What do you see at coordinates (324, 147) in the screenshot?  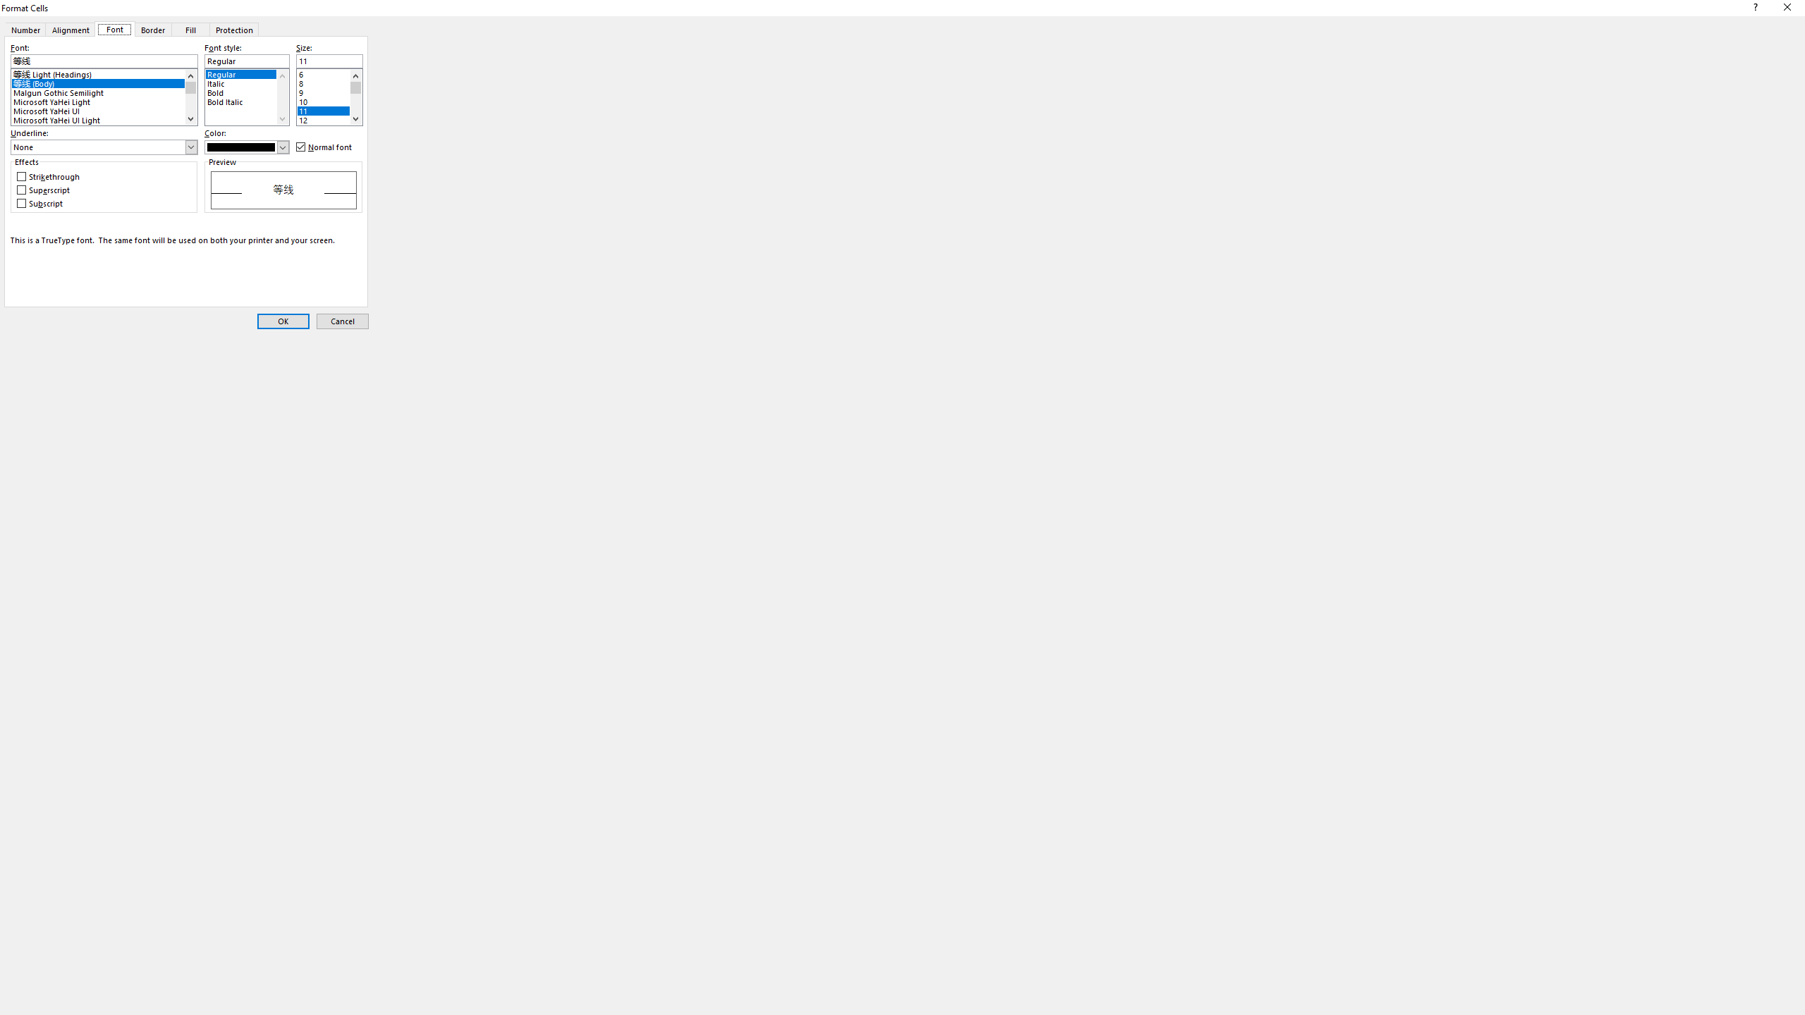 I see `'Normal font'` at bounding box center [324, 147].